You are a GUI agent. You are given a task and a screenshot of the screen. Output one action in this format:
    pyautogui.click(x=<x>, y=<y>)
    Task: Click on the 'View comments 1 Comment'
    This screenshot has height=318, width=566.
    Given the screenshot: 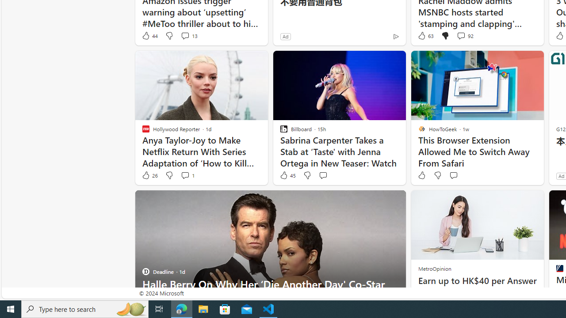 What is the action you would take?
    pyautogui.click(x=184, y=175)
    